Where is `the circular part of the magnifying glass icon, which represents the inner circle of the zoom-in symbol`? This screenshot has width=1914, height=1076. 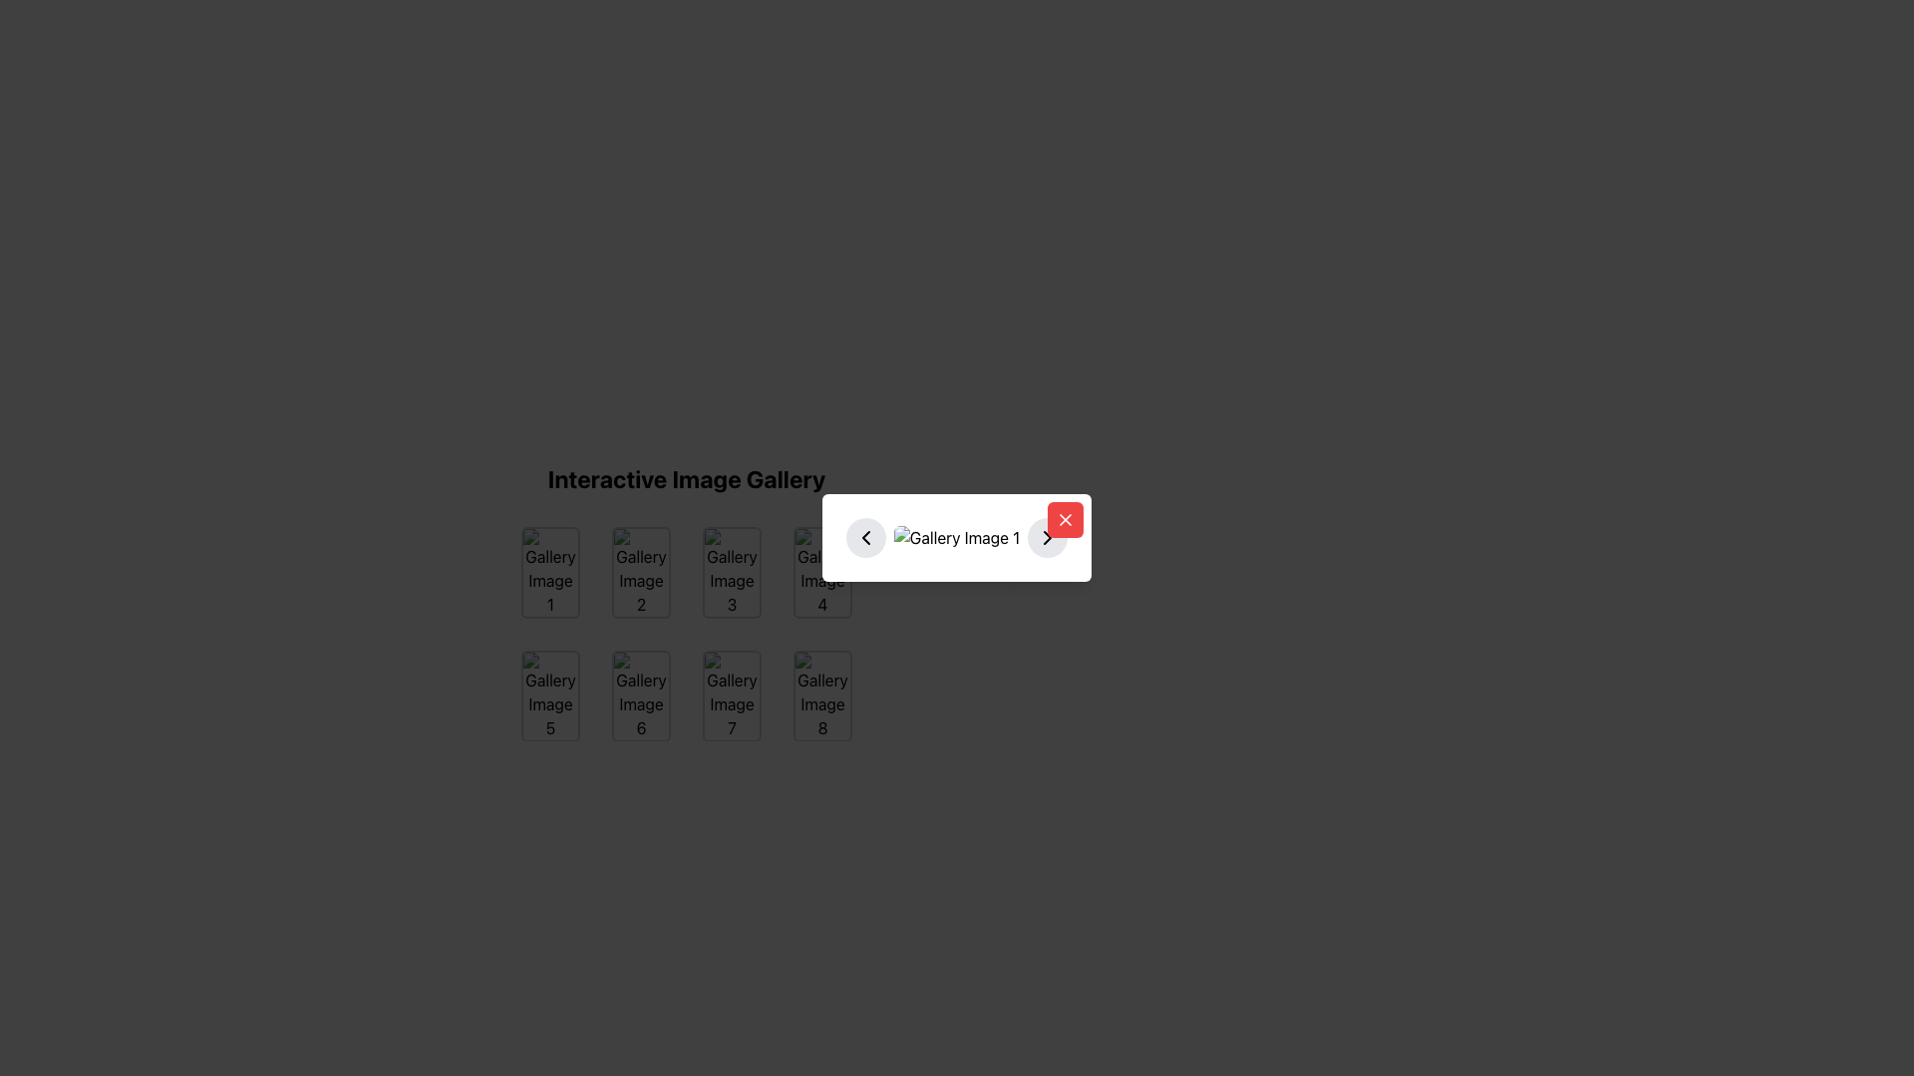 the circular part of the magnifying glass icon, which represents the inner circle of the zoom-in symbol is located at coordinates (821, 571).